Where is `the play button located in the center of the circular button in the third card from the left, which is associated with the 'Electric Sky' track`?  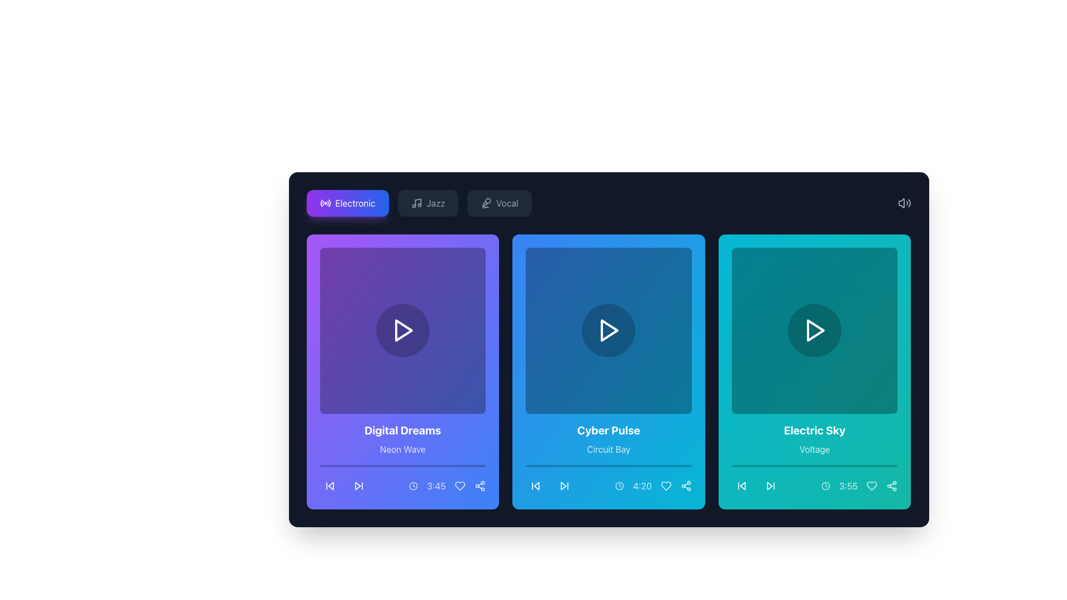
the play button located in the center of the circular button in the third card from the left, which is associated with the 'Electric Sky' track is located at coordinates (815, 330).